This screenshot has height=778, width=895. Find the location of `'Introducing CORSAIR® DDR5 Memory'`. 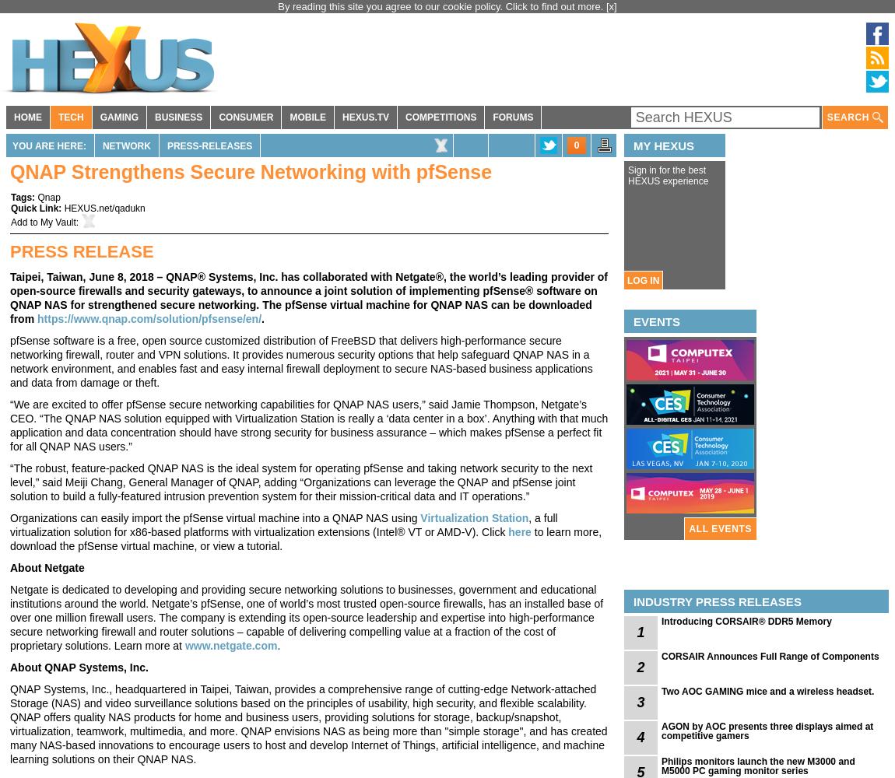

'Introducing CORSAIR® DDR5 Memory' is located at coordinates (746, 622).